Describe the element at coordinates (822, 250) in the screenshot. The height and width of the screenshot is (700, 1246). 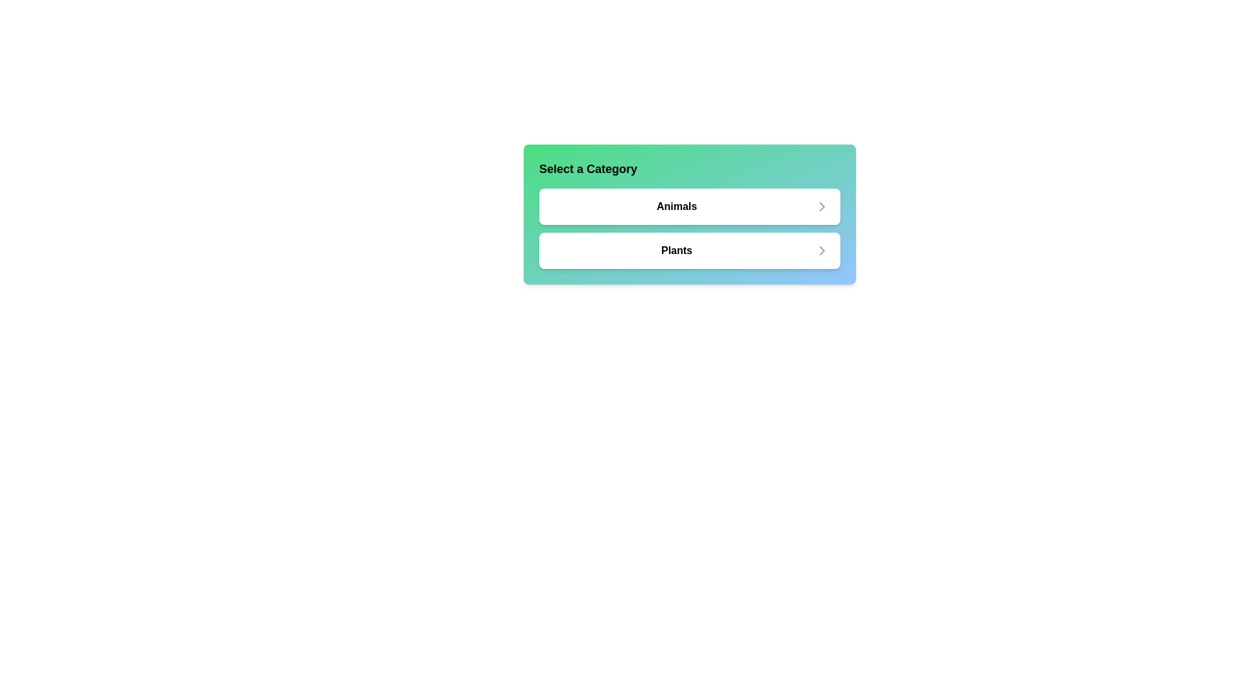
I see `the navigation icon located to the far right of the 'Plants' text, which serves as a visual indicator for more details related to 'Plants'` at that location.